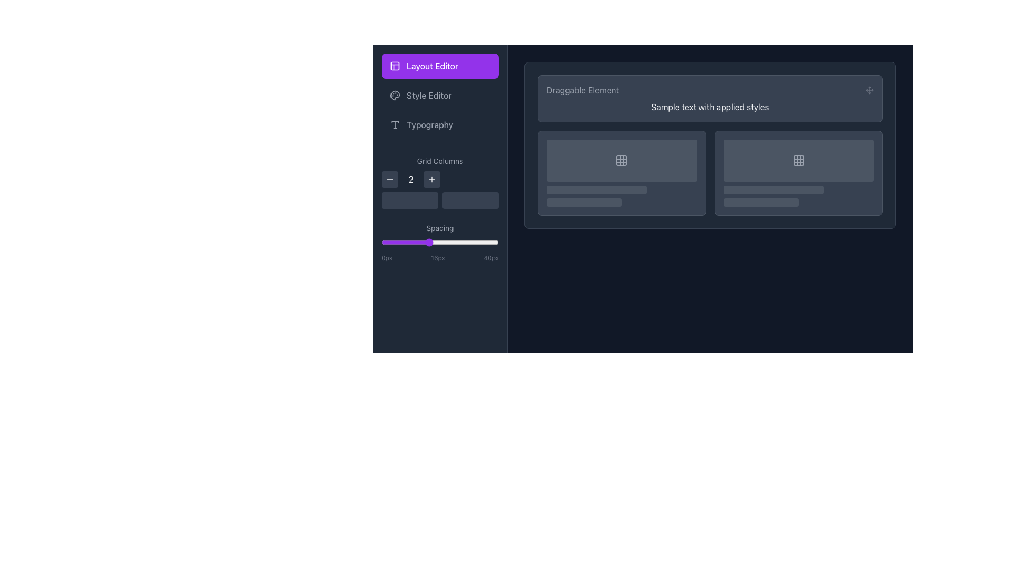 The image size is (1009, 567). I want to click on the grid-like icon located in the top-left corner of the purple header labeled 'Layout Editor', which precedes the text label 'Layout Editor', so click(395, 66).